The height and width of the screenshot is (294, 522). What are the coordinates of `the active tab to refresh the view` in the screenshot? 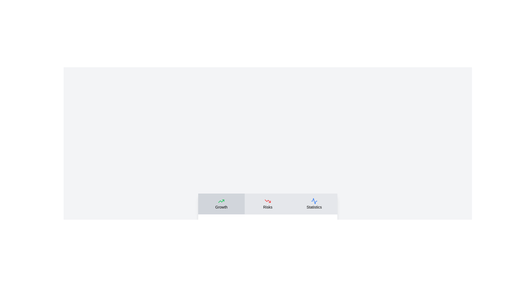 It's located at (221, 204).